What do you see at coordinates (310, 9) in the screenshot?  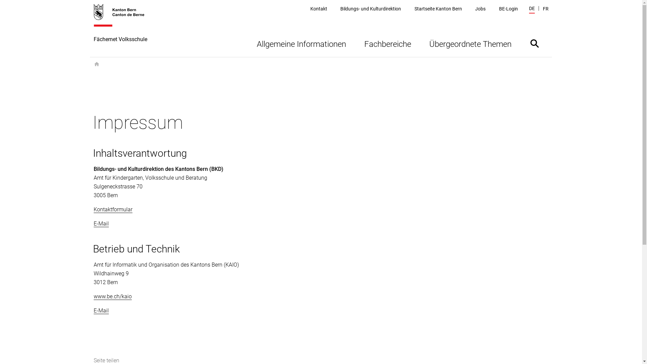 I see `'Kontakt'` at bounding box center [310, 9].